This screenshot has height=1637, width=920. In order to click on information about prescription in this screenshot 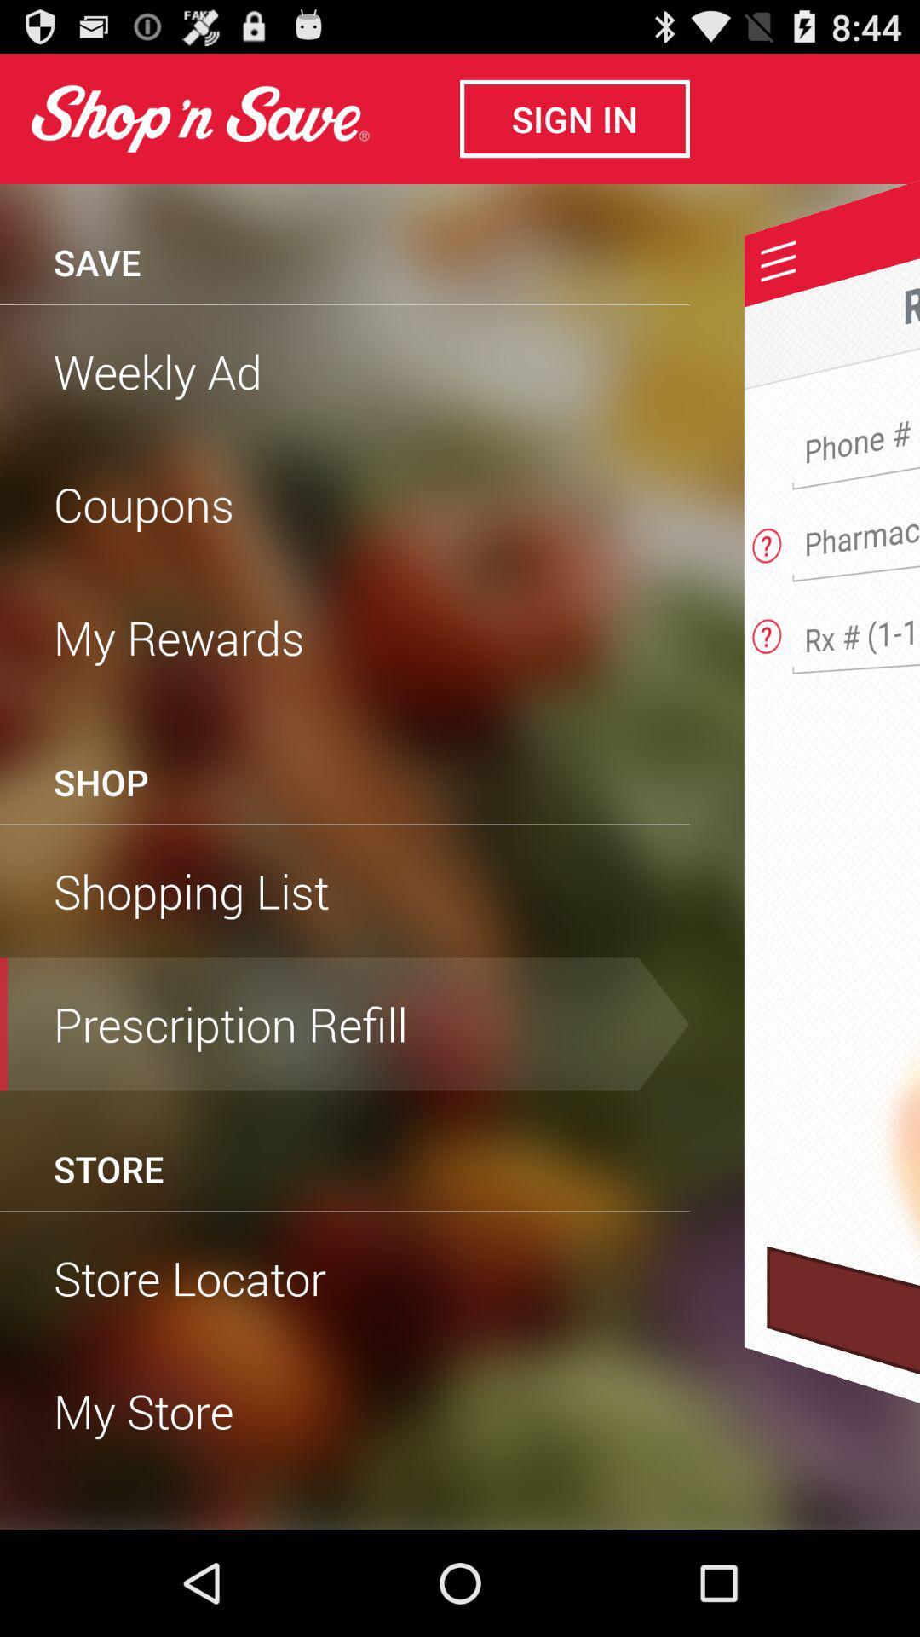, I will do `click(767, 630)`.